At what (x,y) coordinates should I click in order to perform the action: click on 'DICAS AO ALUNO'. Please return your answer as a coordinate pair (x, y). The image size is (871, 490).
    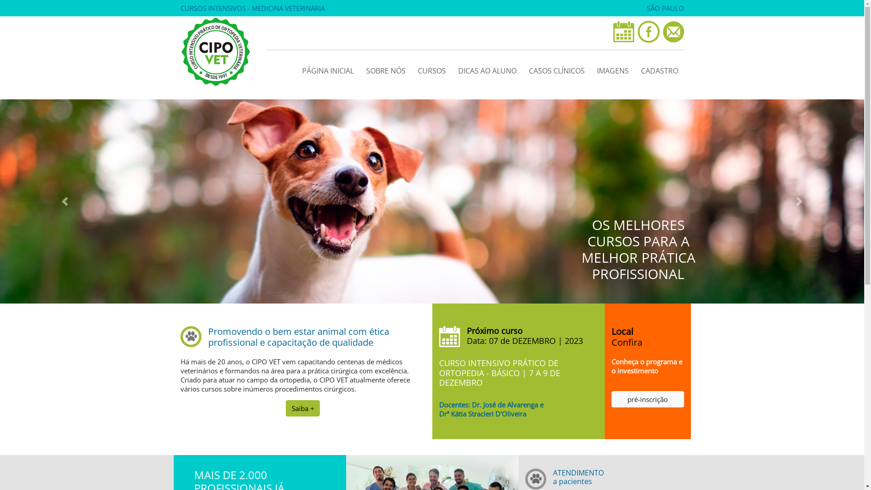
    Looking at the image, I should click on (452, 68).